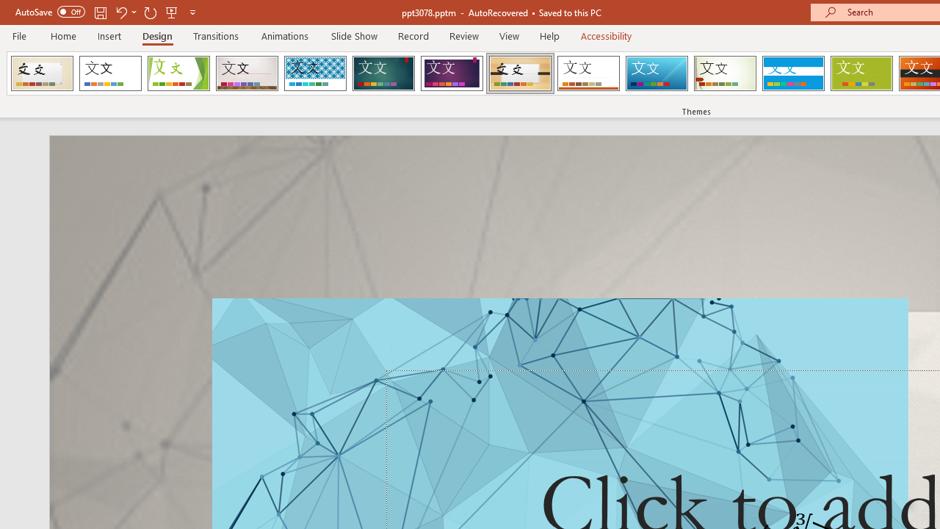 The width and height of the screenshot is (940, 529). I want to click on 'Slice', so click(656, 73).